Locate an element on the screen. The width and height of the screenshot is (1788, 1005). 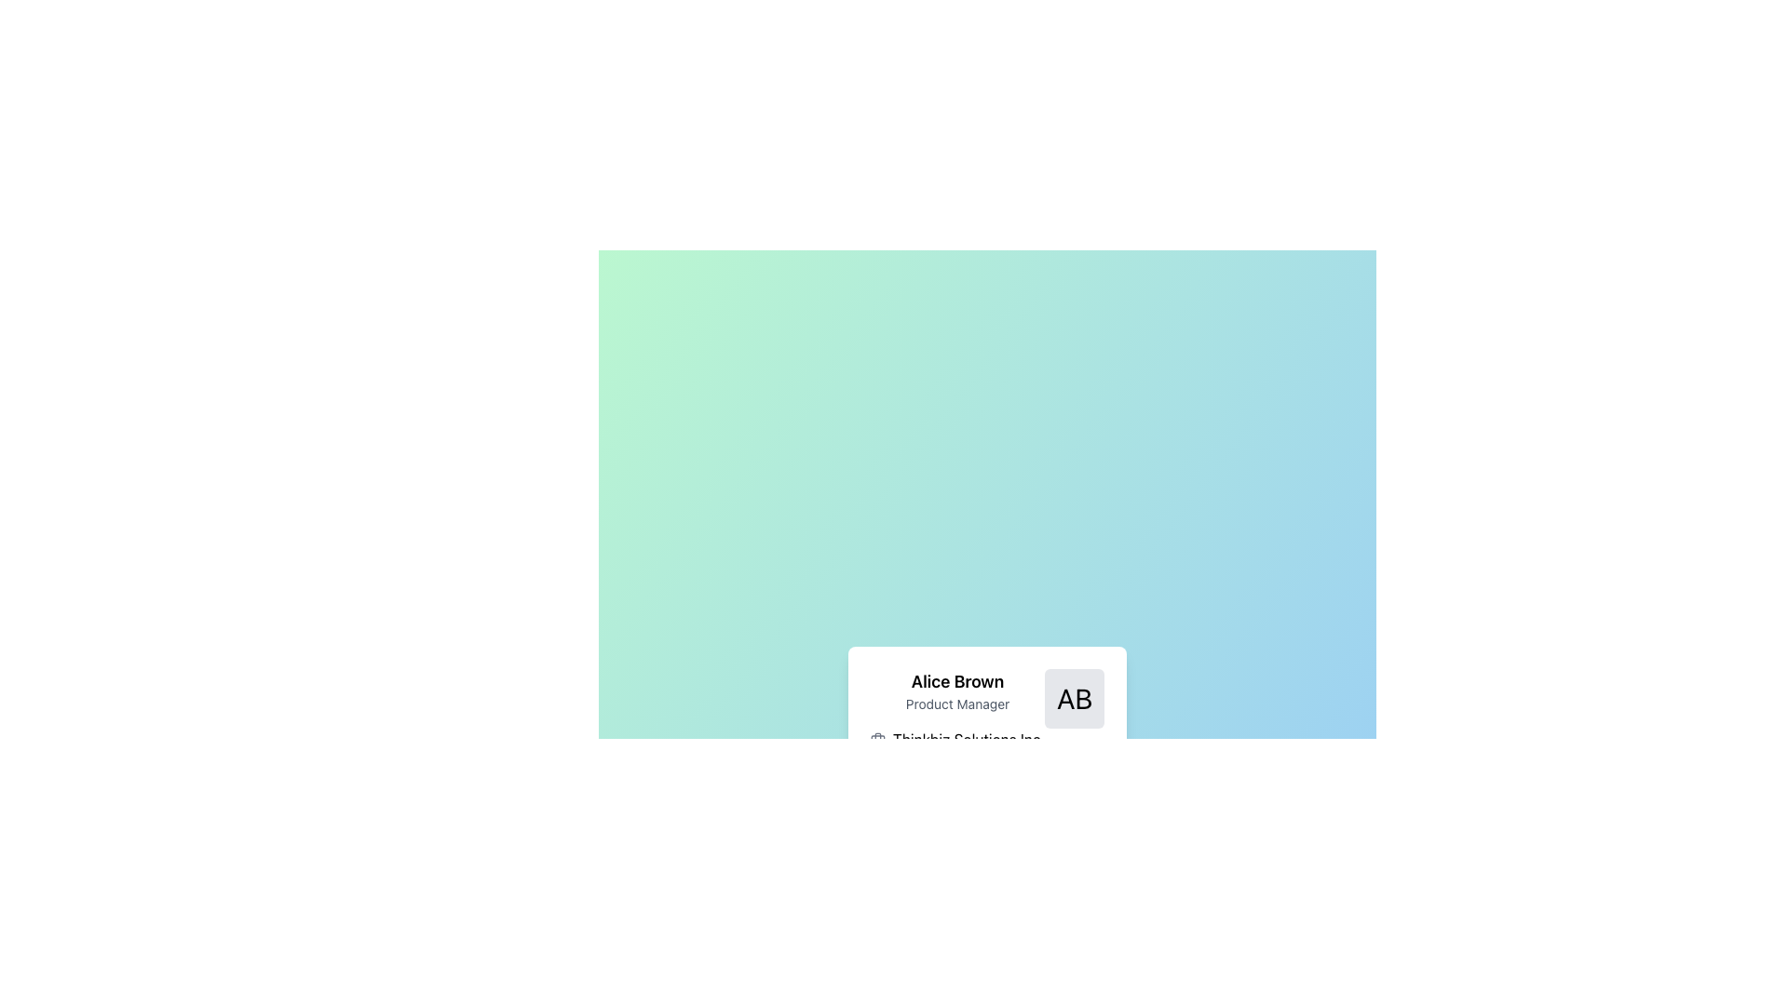
the Text Label identifying 'Thinkbiz Solutions Inc.' located below the 'Product Manager' text and to the right of the briefcase icon is located at coordinates (968, 738).